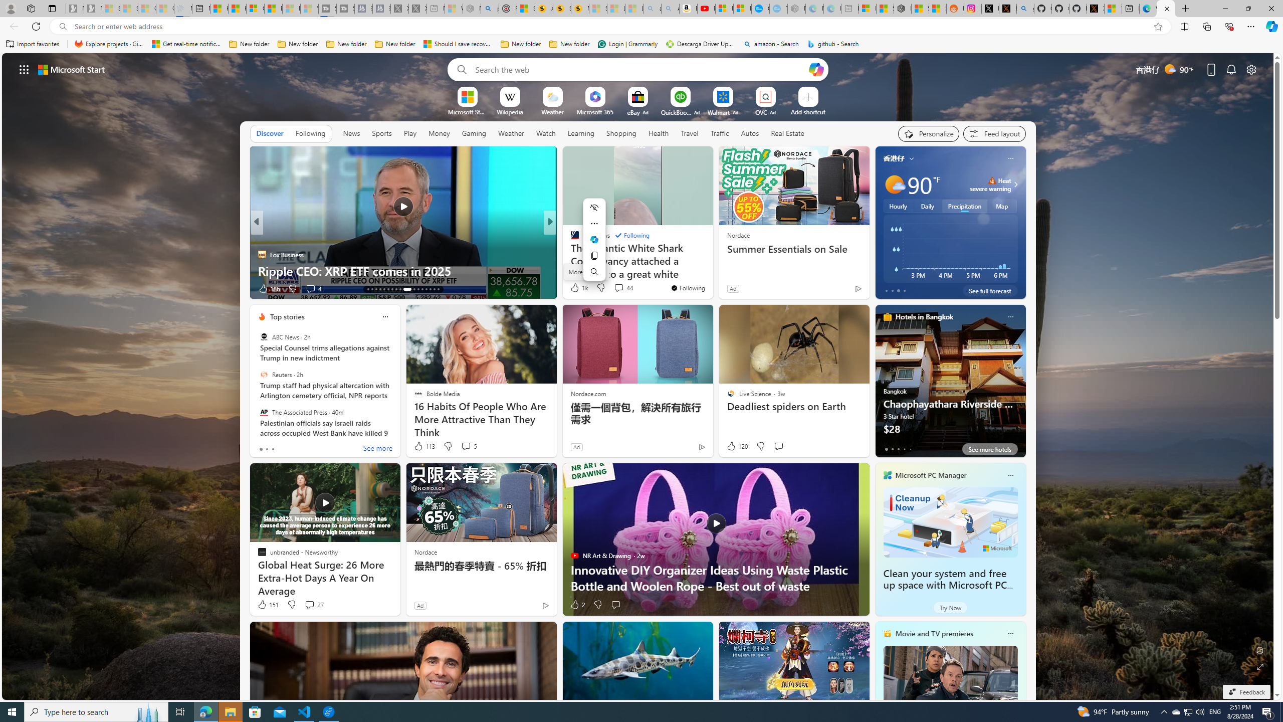 The image size is (1283, 722). What do you see at coordinates (1013, 184) in the screenshot?
I see `'Click to see more information'` at bounding box center [1013, 184].